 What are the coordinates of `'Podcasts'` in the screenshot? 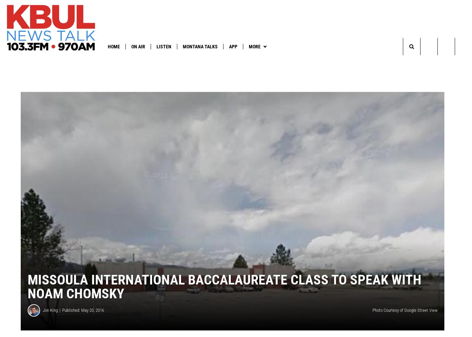 It's located at (221, 60).